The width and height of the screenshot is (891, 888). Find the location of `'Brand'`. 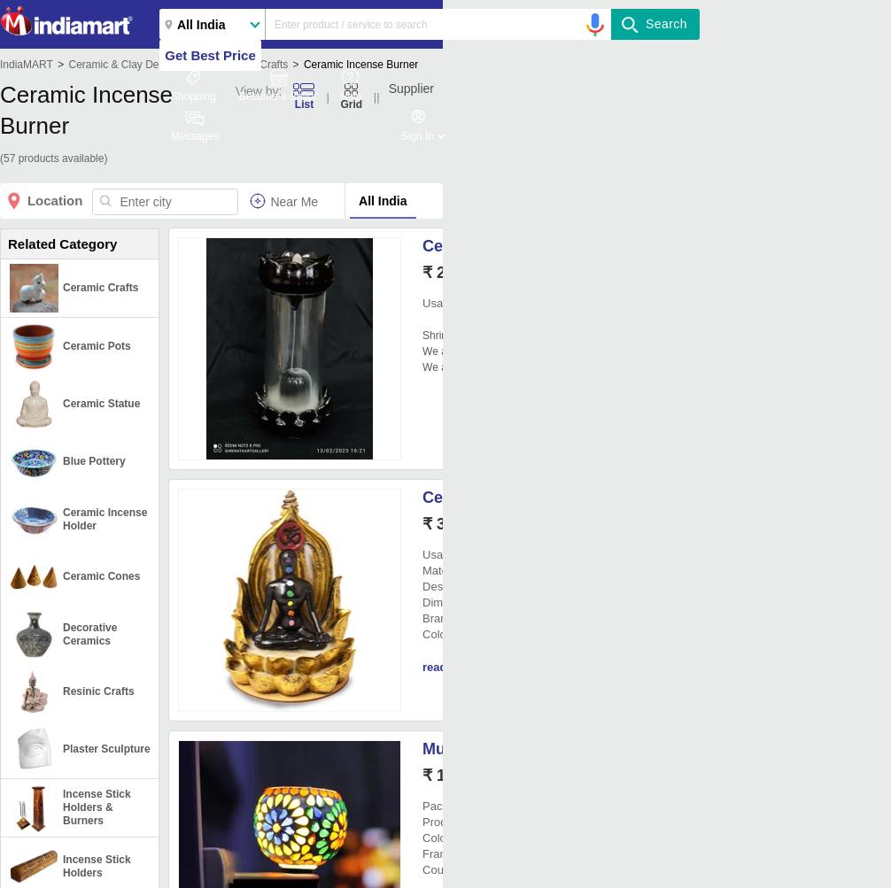

'Brand' is located at coordinates (437, 618).